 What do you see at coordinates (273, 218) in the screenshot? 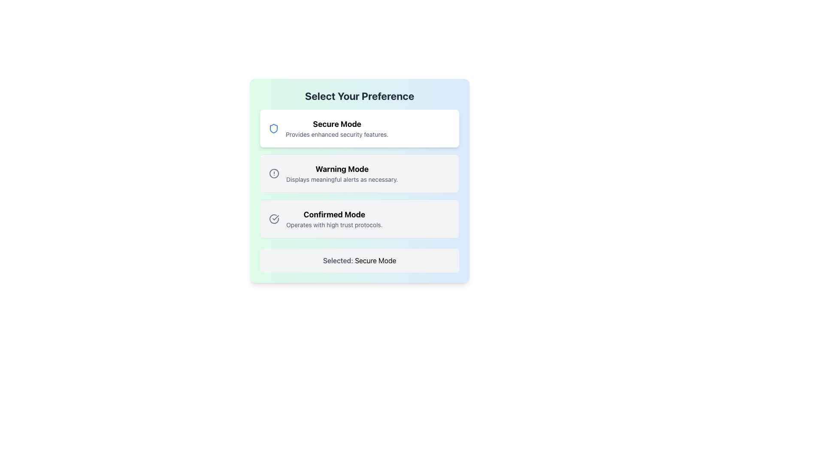
I see `the circular graphical icon with a checkmark styled in a minimalist design, located within the 'Confirmed Mode' card` at bounding box center [273, 218].